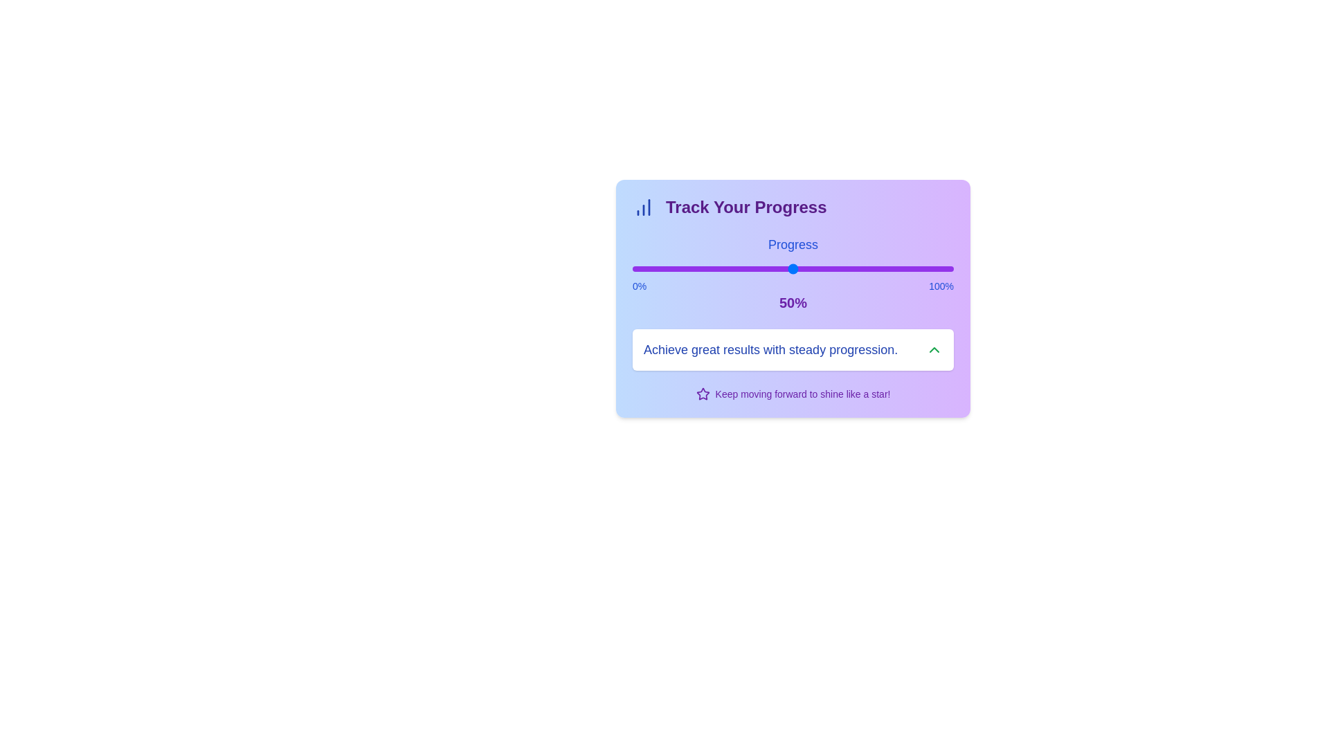 This screenshot has height=747, width=1329. I want to click on the star icon located to the left of the text 'Keep moving forward to shine like a star!' in the lower part of the card interface, so click(703, 394).